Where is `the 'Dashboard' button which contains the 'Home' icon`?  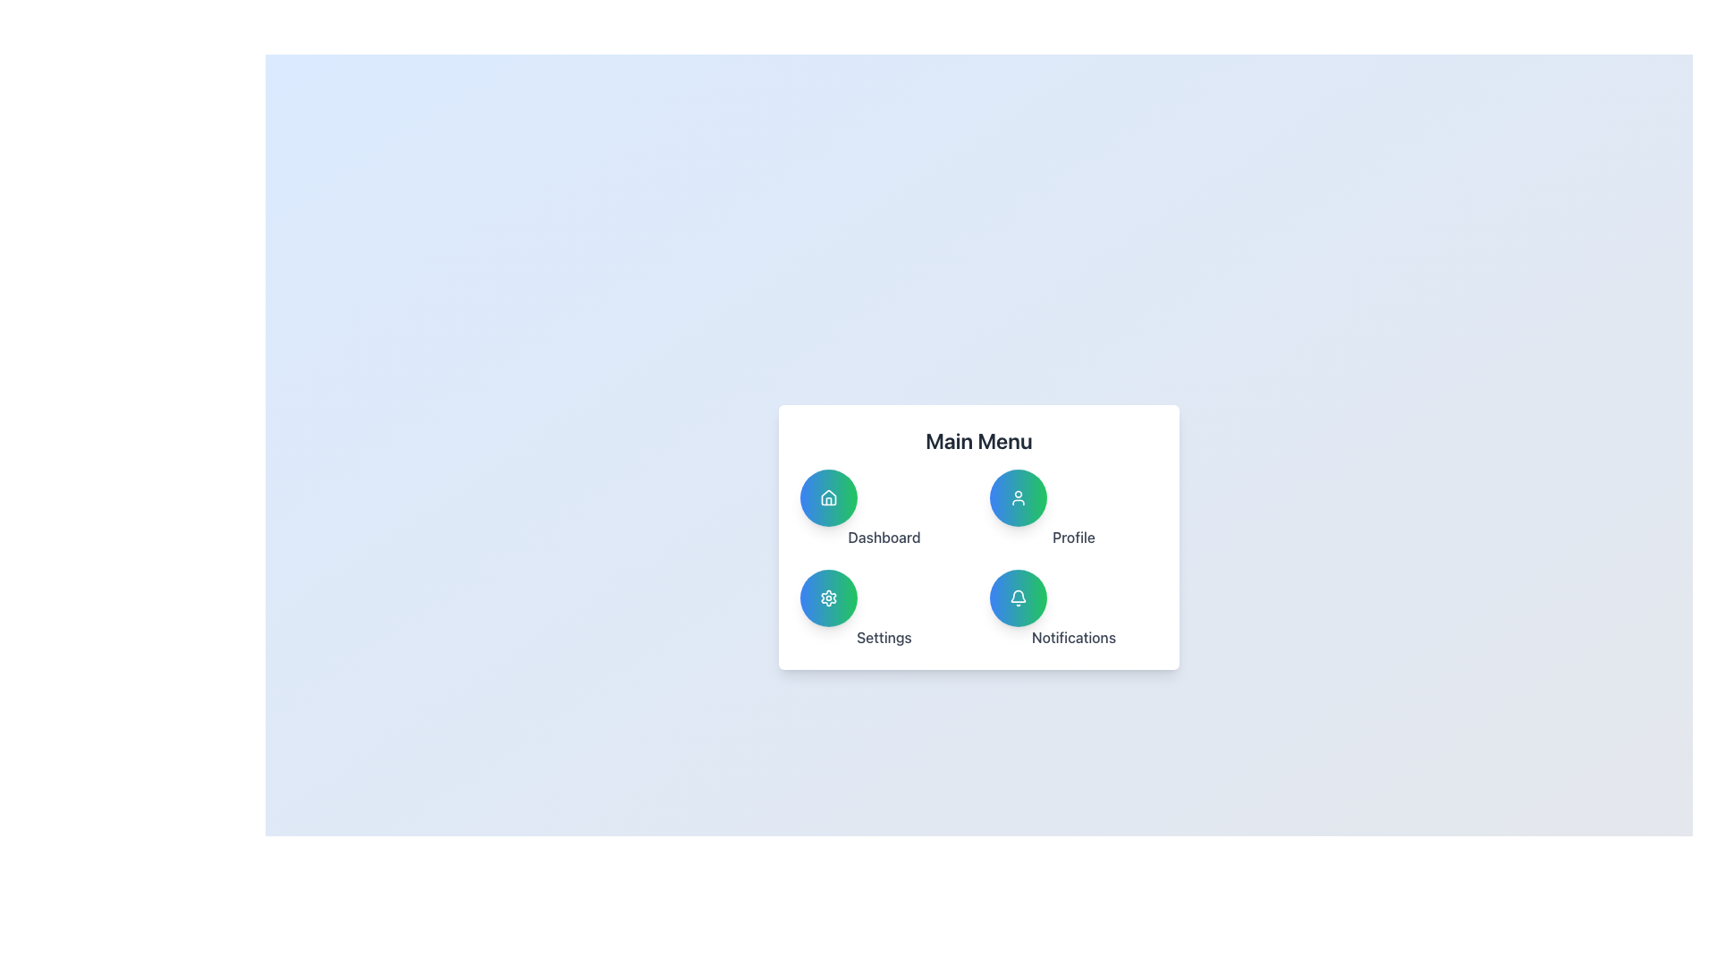
the 'Dashboard' button which contains the 'Home' icon is located at coordinates (827, 497).